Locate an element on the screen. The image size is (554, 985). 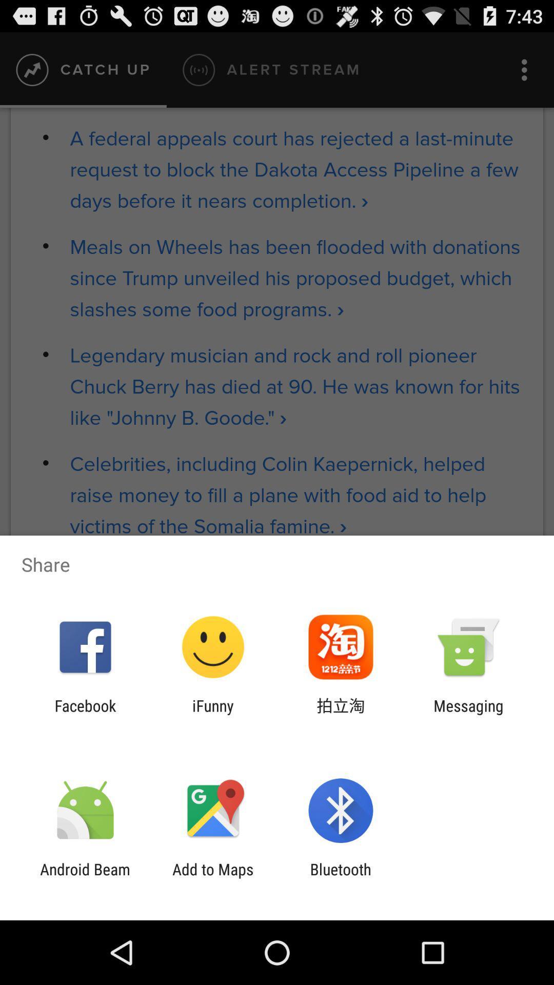
item to the right of the facebook is located at coordinates (212, 714).